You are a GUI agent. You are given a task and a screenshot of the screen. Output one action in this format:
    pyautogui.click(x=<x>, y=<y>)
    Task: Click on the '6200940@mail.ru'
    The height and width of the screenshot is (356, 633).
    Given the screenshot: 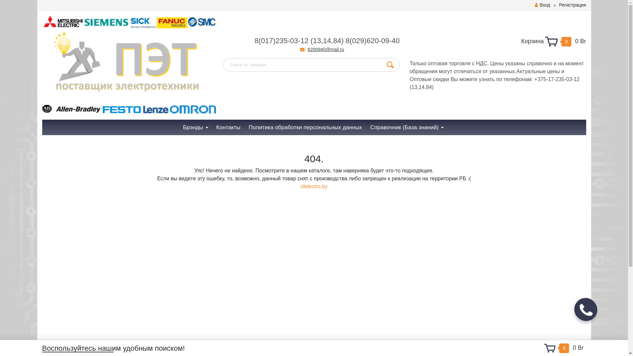 What is the action you would take?
    pyautogui.click(x=326, y=49)
    